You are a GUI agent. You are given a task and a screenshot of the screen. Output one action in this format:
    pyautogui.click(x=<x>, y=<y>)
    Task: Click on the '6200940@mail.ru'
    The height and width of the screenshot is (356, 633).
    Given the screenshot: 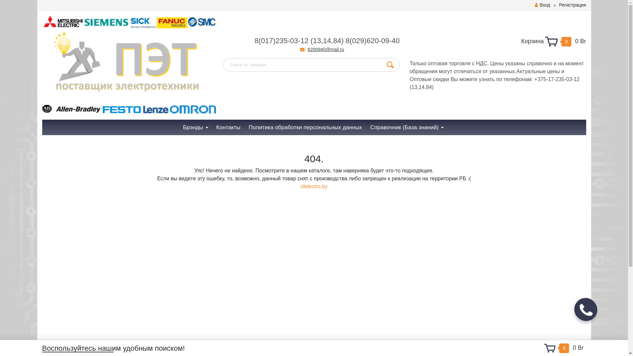 What is the action you would take?
    pyautogui.click(x=326, y=49)
    